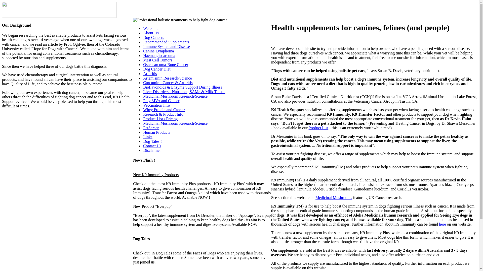 The width and height of the screenshot is (483, 271). What do you see at coordinates (334, 197) in the screenshot?
I see `'Medicinal Mushrooms'` at bounding box center [334, 197].